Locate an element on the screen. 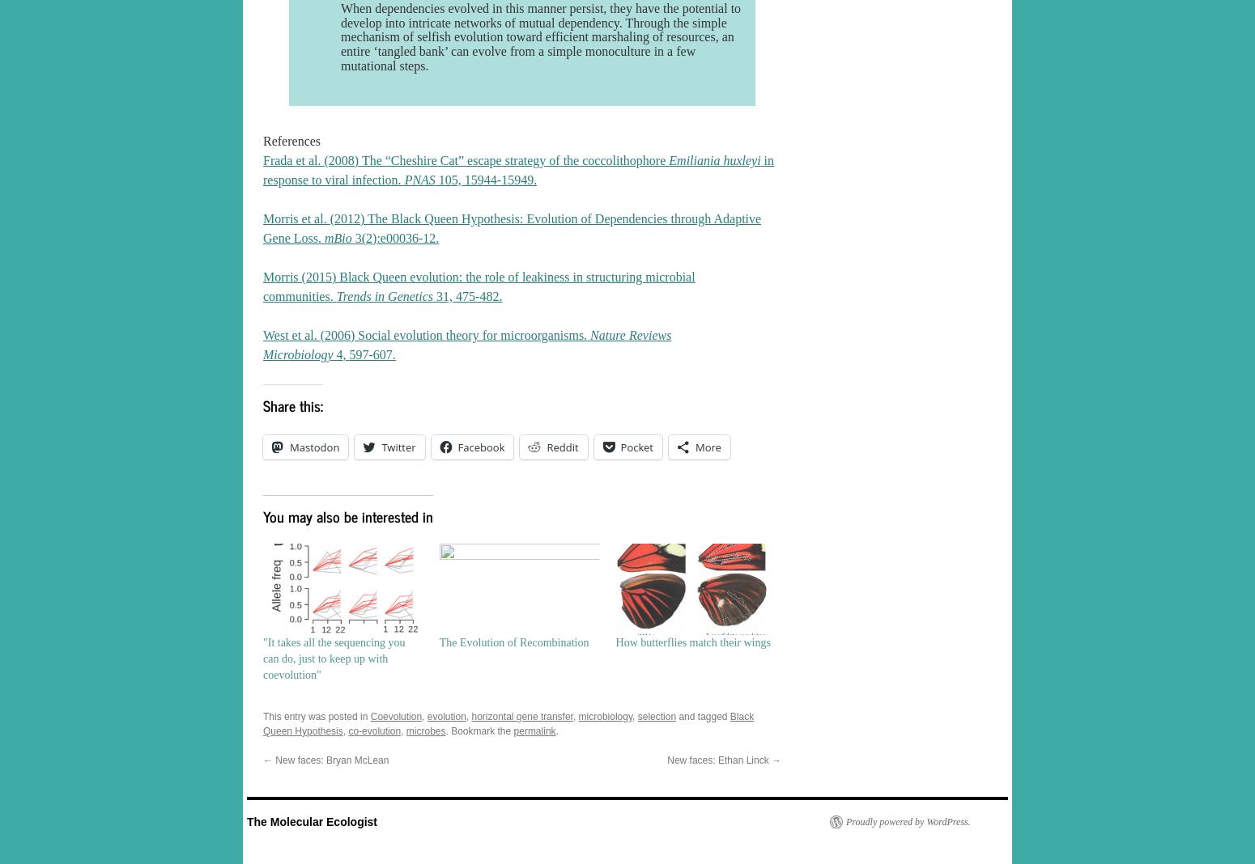  'West et al. (2006) Social evolution theory for microorganisms.' is located at coordinates (426, 335).